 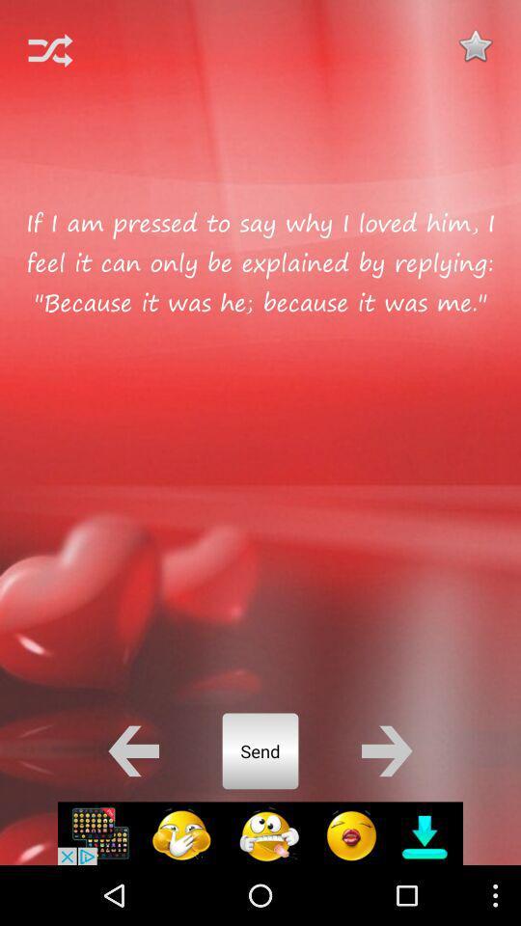 I want to click on previous, so click(x=132, y=749).